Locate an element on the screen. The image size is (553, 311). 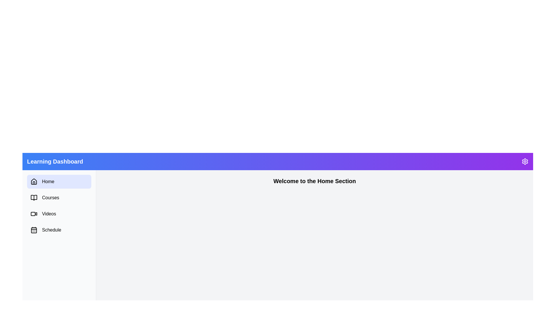
the decorative SVG graphical component that represents a calendar icon in the top-right corner of the navigation menu is located at coordinates (34, 230).